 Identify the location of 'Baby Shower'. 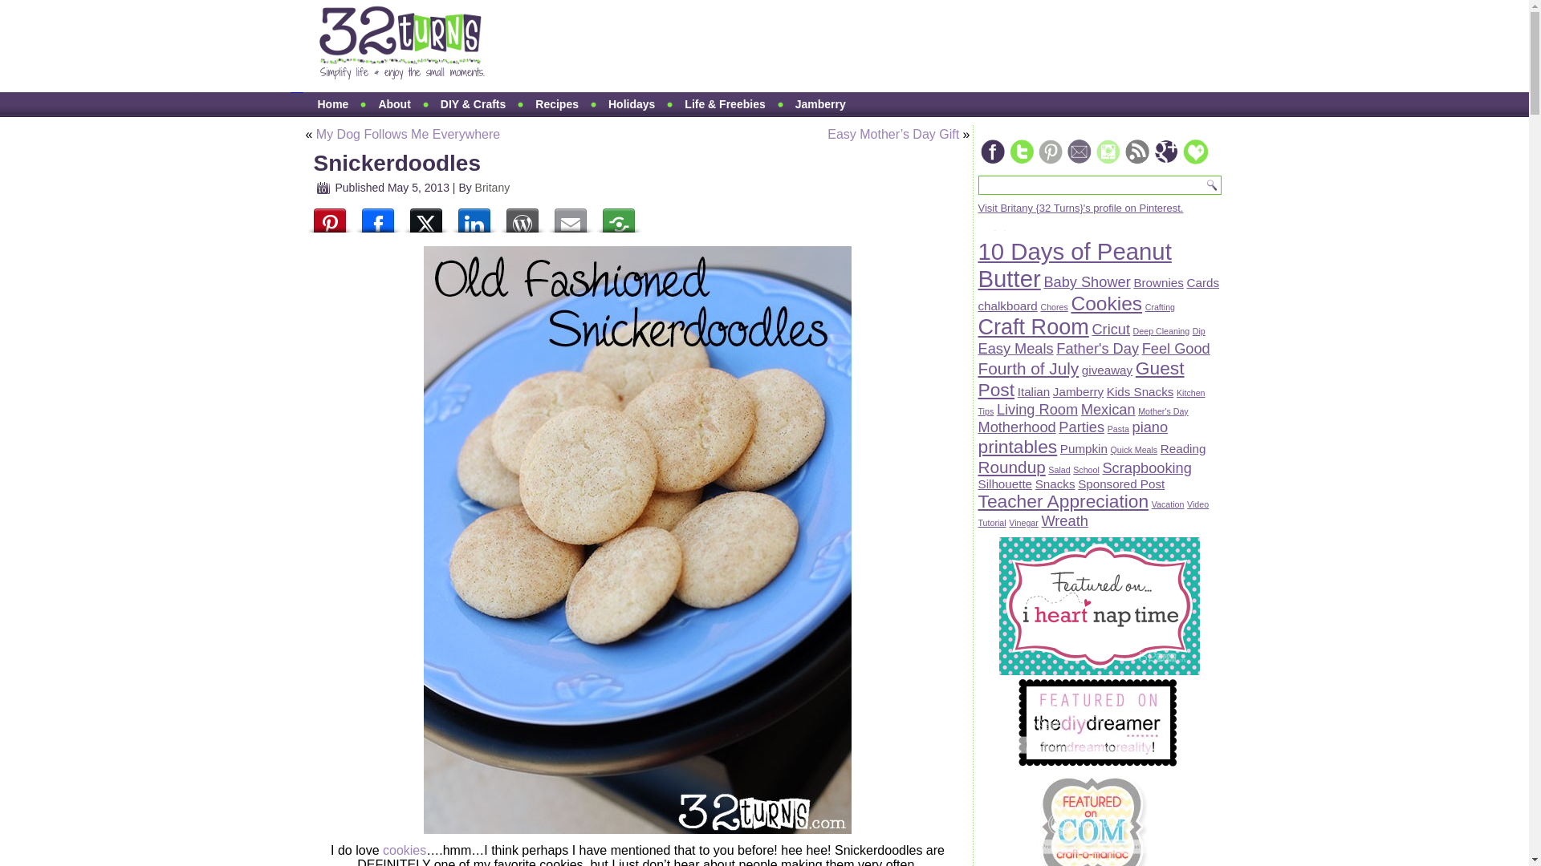
(1086, 281).